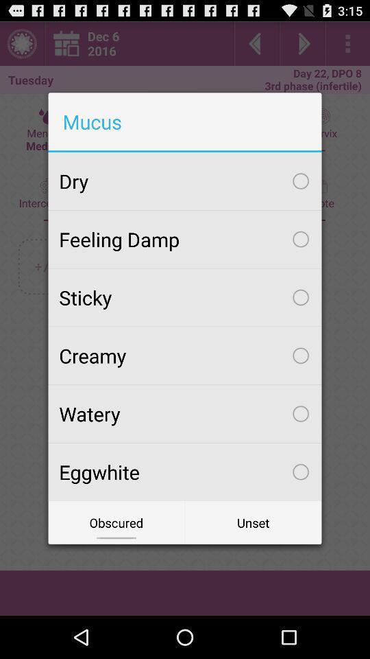 This screenshot has height=659, width=370. I want to click on item above the eggwhite checkbox, so click(185, 413).